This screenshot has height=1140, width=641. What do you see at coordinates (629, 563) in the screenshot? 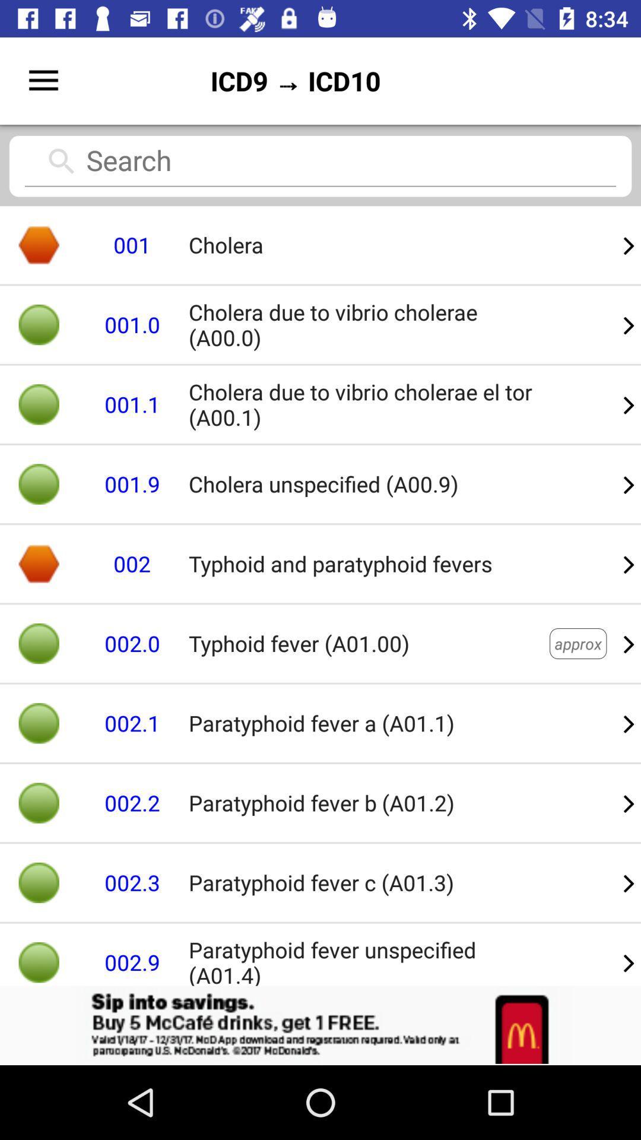
I see `the item to the right of cholera unspecified a00 icon` at bounding box center [629, 563].